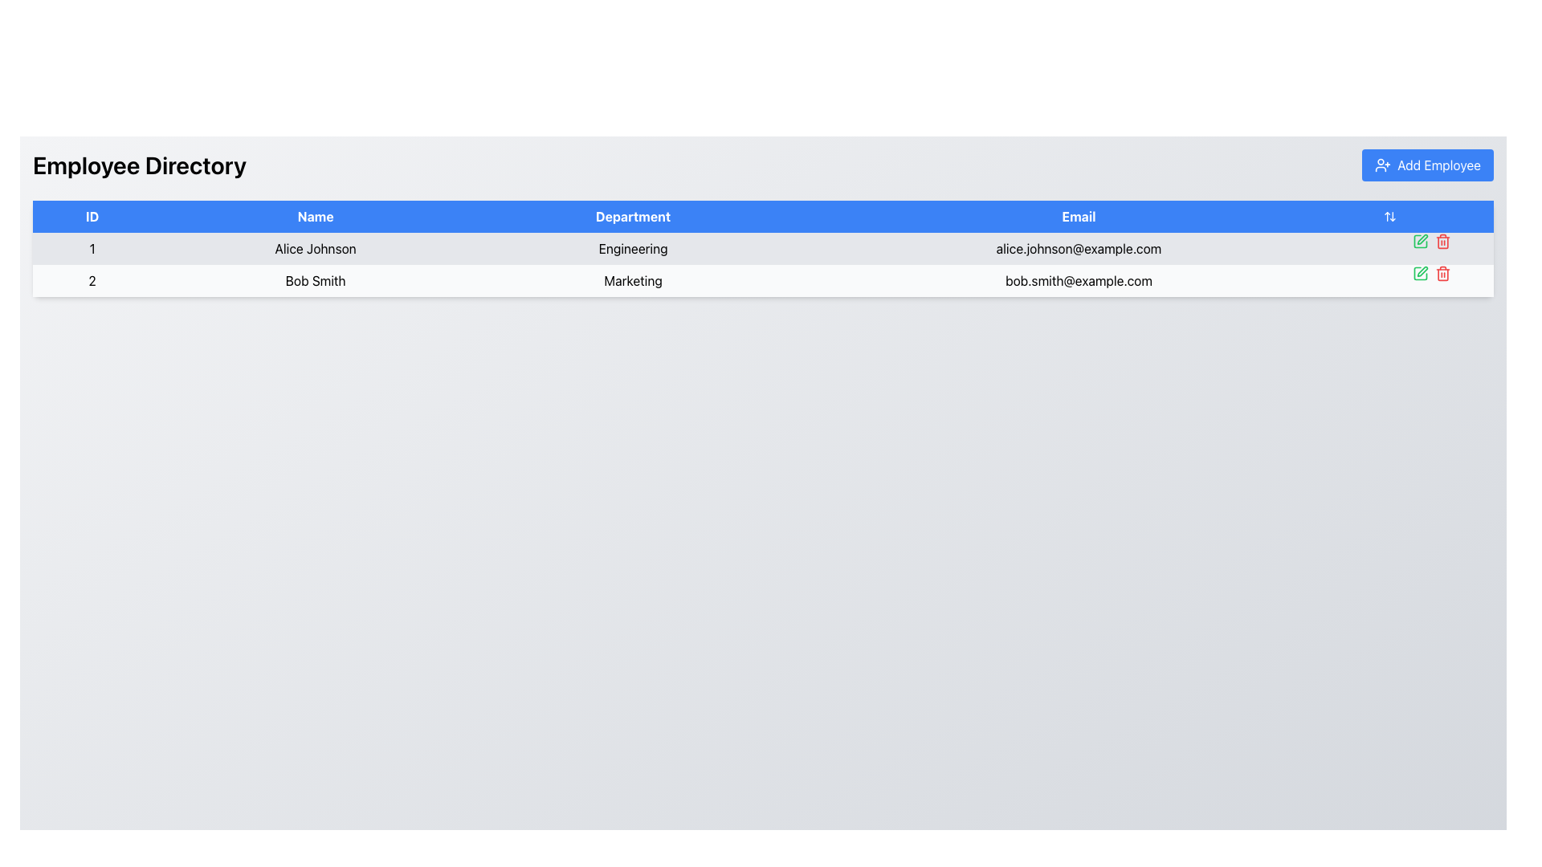  Describe the element at coordinates (1079, 280) in the screenshot. I see `the plain text element displaying the email address 'bob.smith@example.com' located in the fourth cell of the second row of the data table under the column labeled 'Email'` at that location.